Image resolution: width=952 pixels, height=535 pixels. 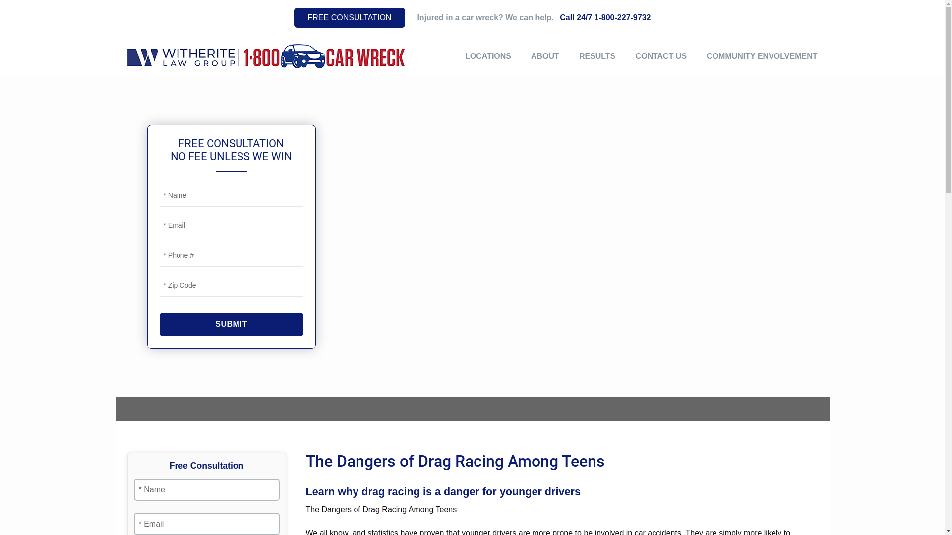 What do you see at coordinates (294, 17) in the screenshot?
I see `'FREE CONSULTATION'` at bounding box center [294, 17].